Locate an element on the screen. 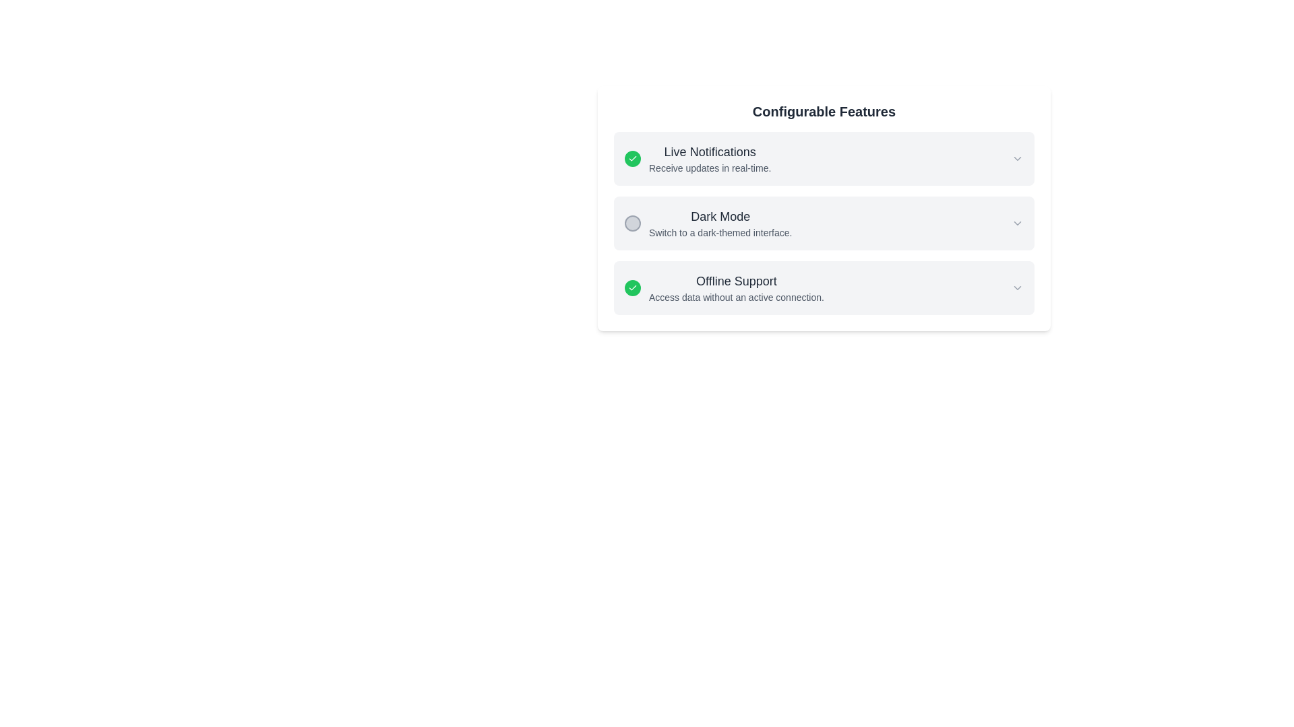 Image resolution: width=1294 pixels, height=727 pixels. the static text element styled as a heading that reads 'Live Notifications' to trigger additional styling effects is located at coordinates (709, 151).